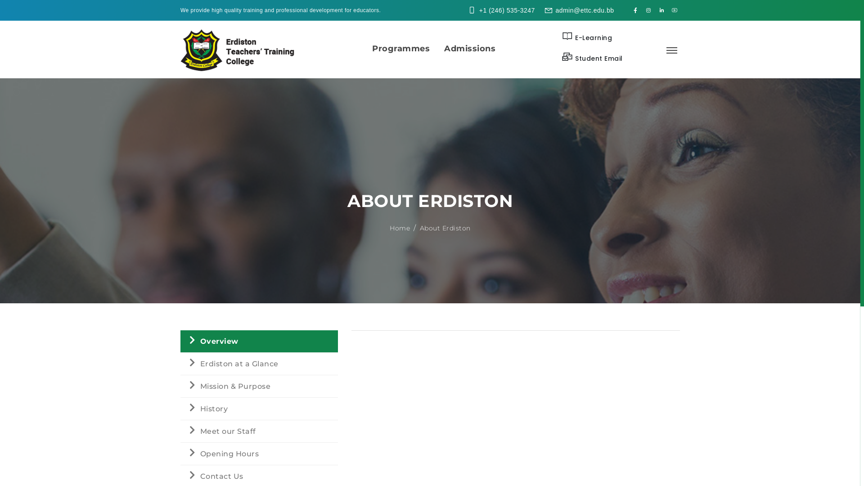 This screenshot has width=864, height=486. I want to click on 'Home', so click(399, 227).